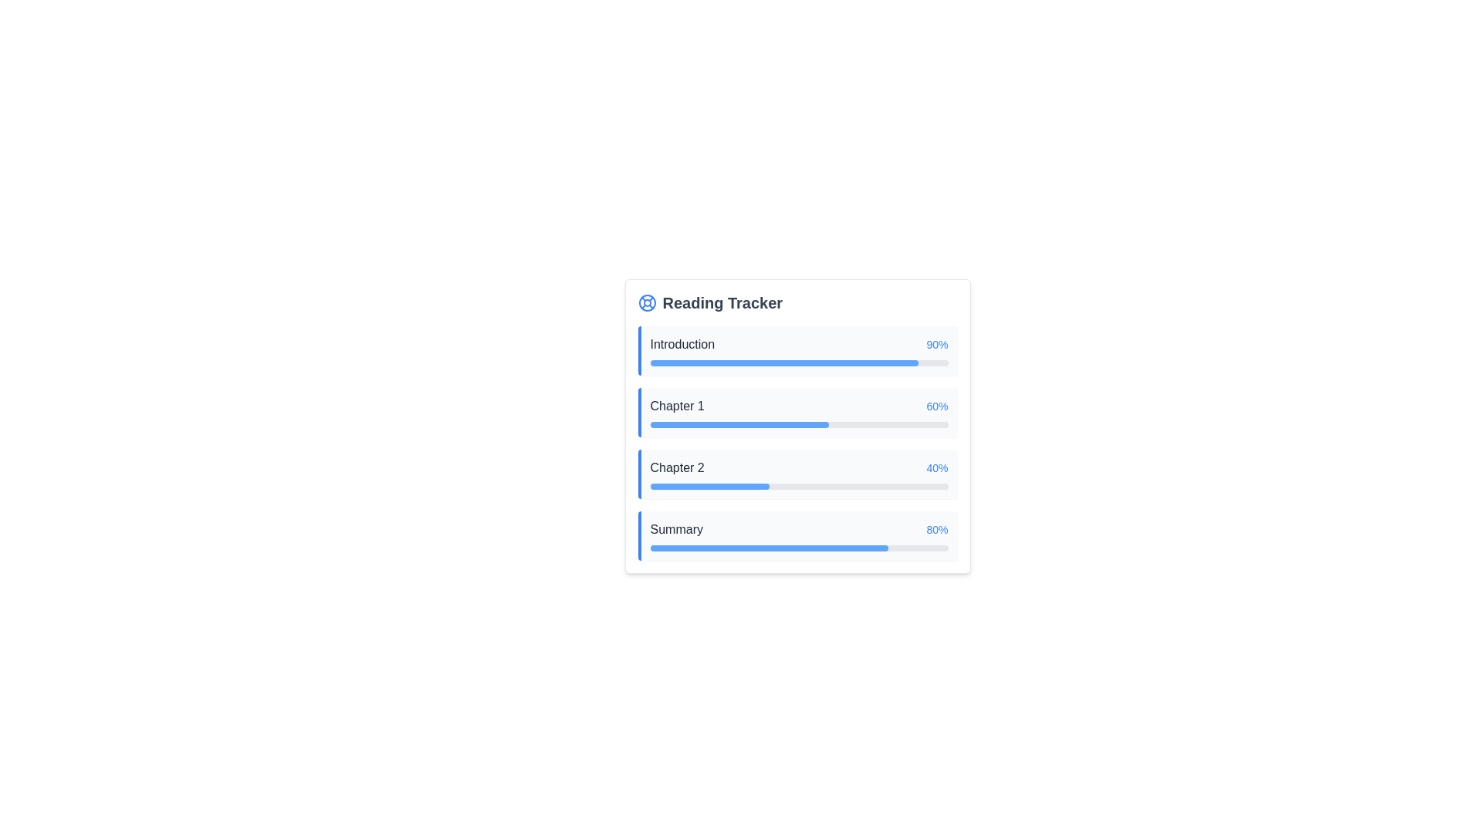 This screenshot has width=1482, height=833. Describe the element at coordinates (936, 467) in the screenshot. I see `the completion percentage text indicator for 'Chapter 2' in the reading tracker interface` at that location.